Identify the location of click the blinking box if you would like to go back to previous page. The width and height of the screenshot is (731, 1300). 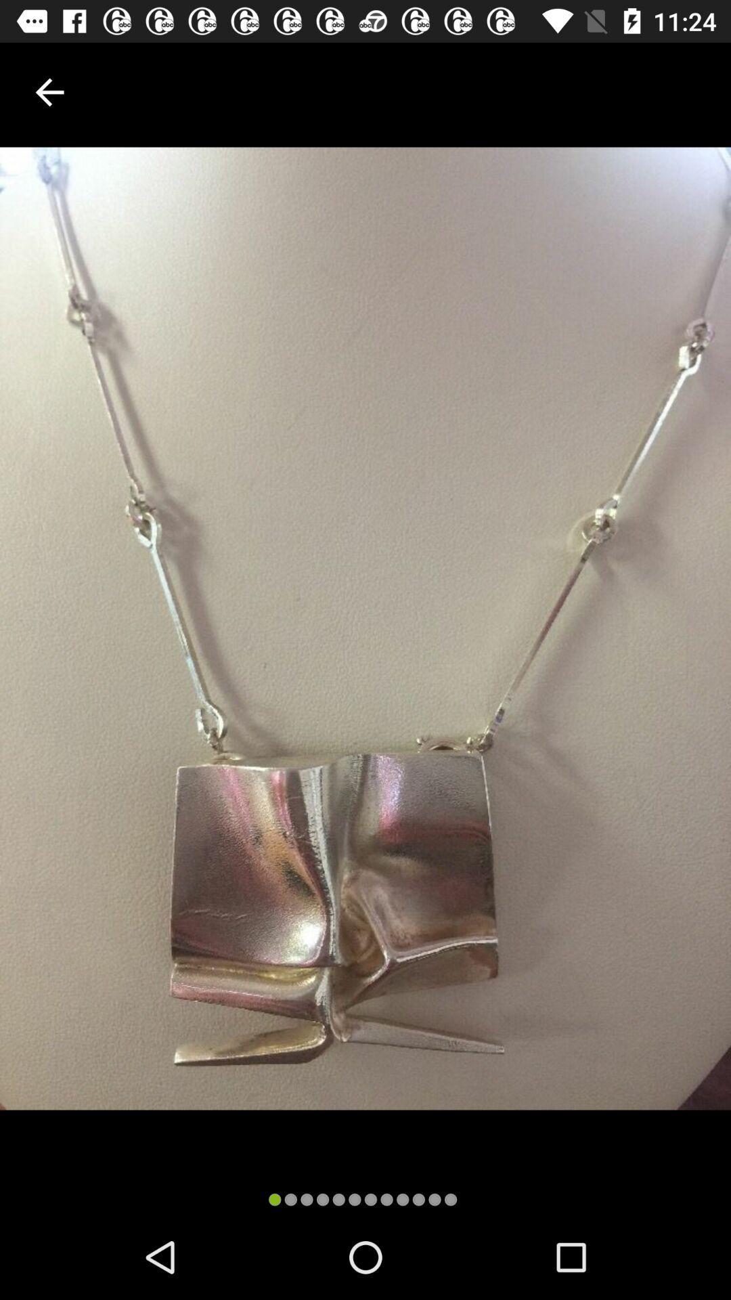
(49, 91).